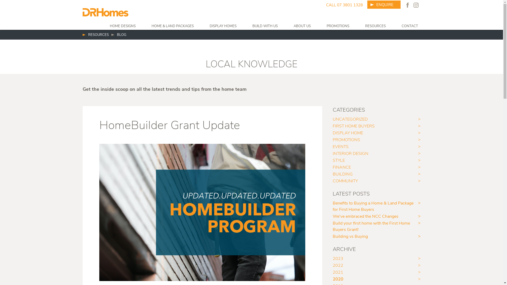  Describe the element at coordinates (376, 154) in the screenshot. I see `'INTERIOR DESIGN'` at that location.